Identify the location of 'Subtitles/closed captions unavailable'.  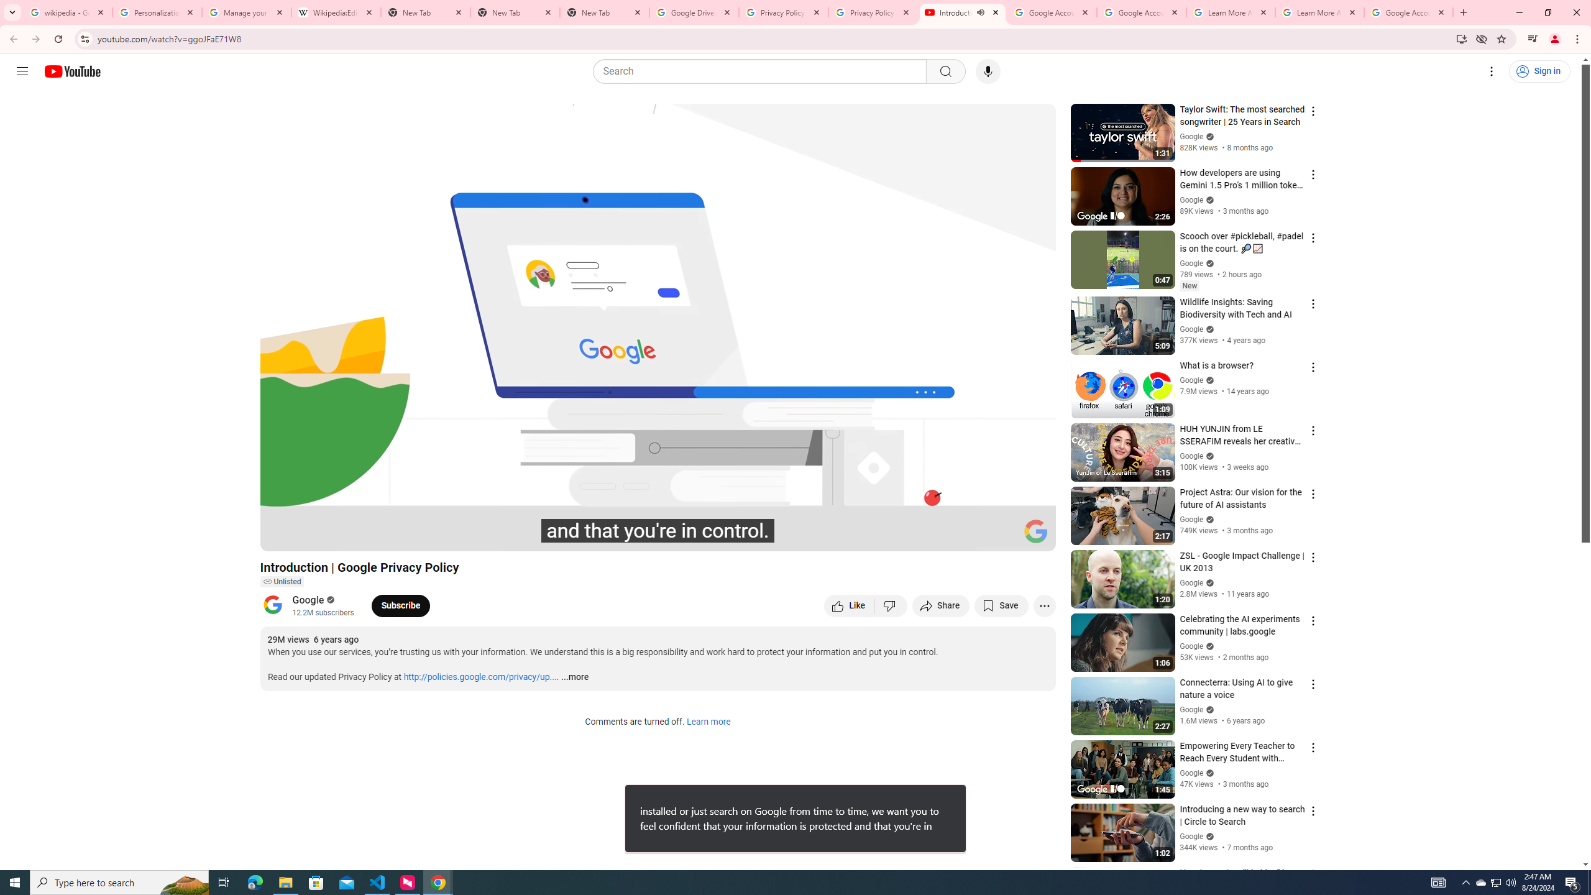
(913, 536).